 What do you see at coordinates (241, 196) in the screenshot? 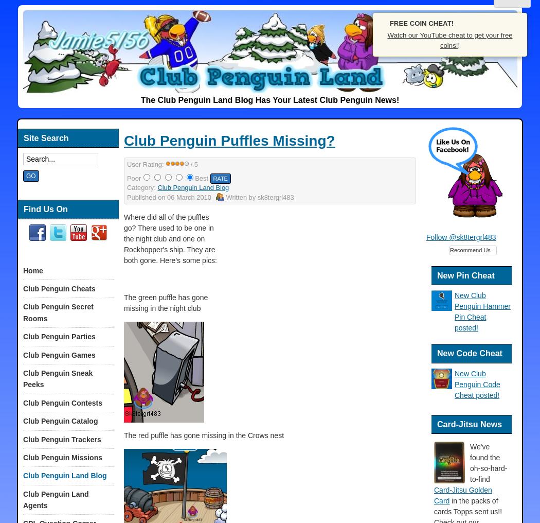
I see `'Written by'` at bounding box center [241, 196].